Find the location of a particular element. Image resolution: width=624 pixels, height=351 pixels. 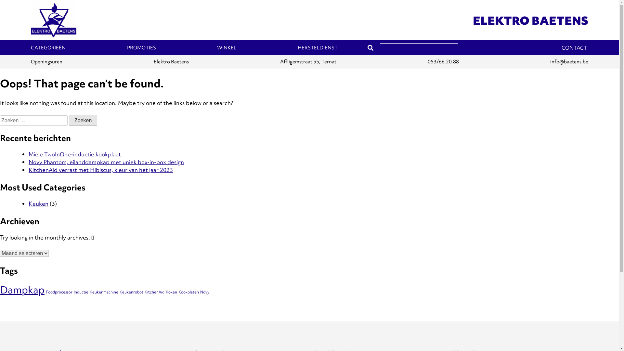

'ELEKTRO BAETENS' is located at coordinates (530, 20).